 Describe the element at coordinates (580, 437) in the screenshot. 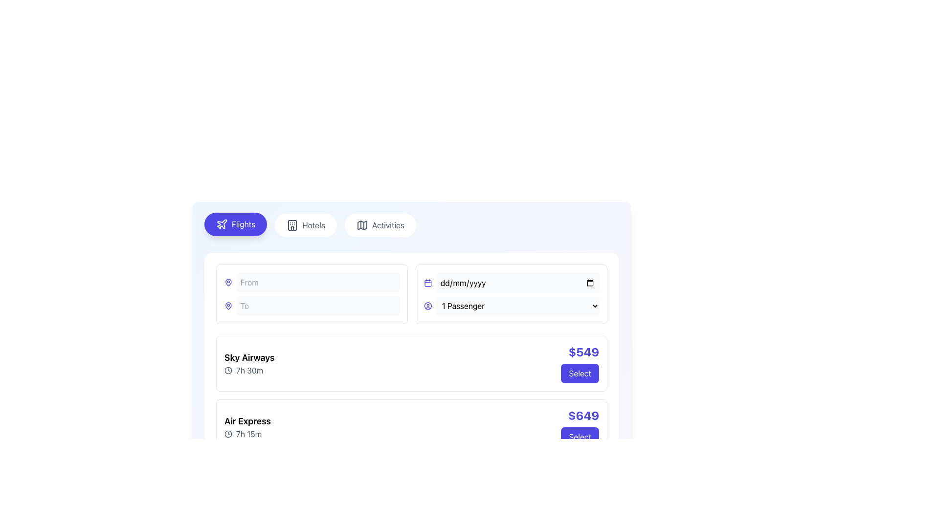

I see `the 'Select' button with a purple background located at the bottom right of the flight options interface` at that location.